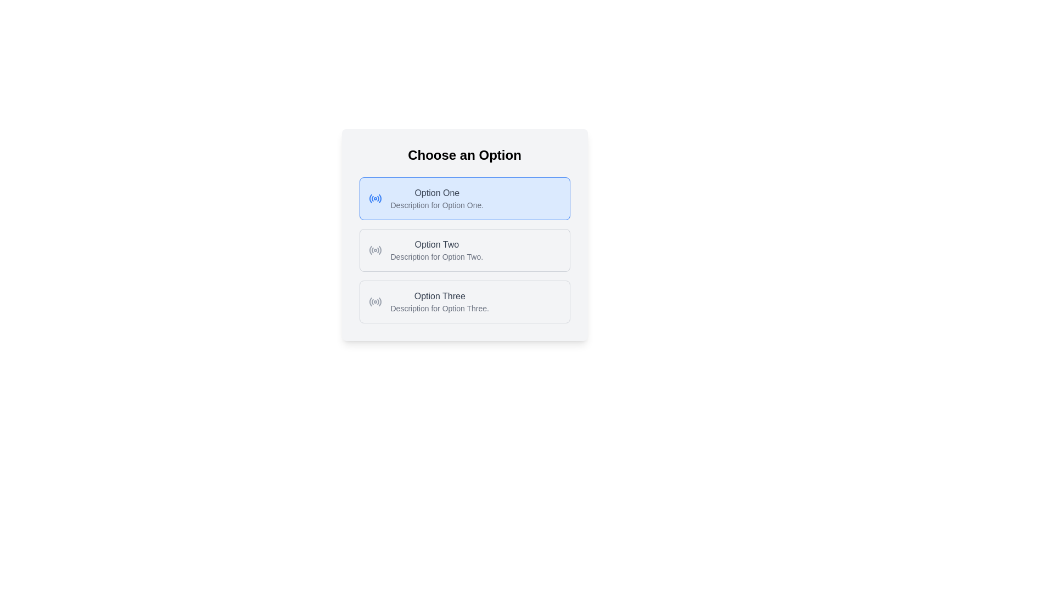 The image size is (1054, 593). Describe the element at coordinates (436, 256) in the screenshot. I see `the text label reading 'Description for Option Two.' located beneath 'Option Two' in the second selectable option block of 'Choose an Option.'` at that location.